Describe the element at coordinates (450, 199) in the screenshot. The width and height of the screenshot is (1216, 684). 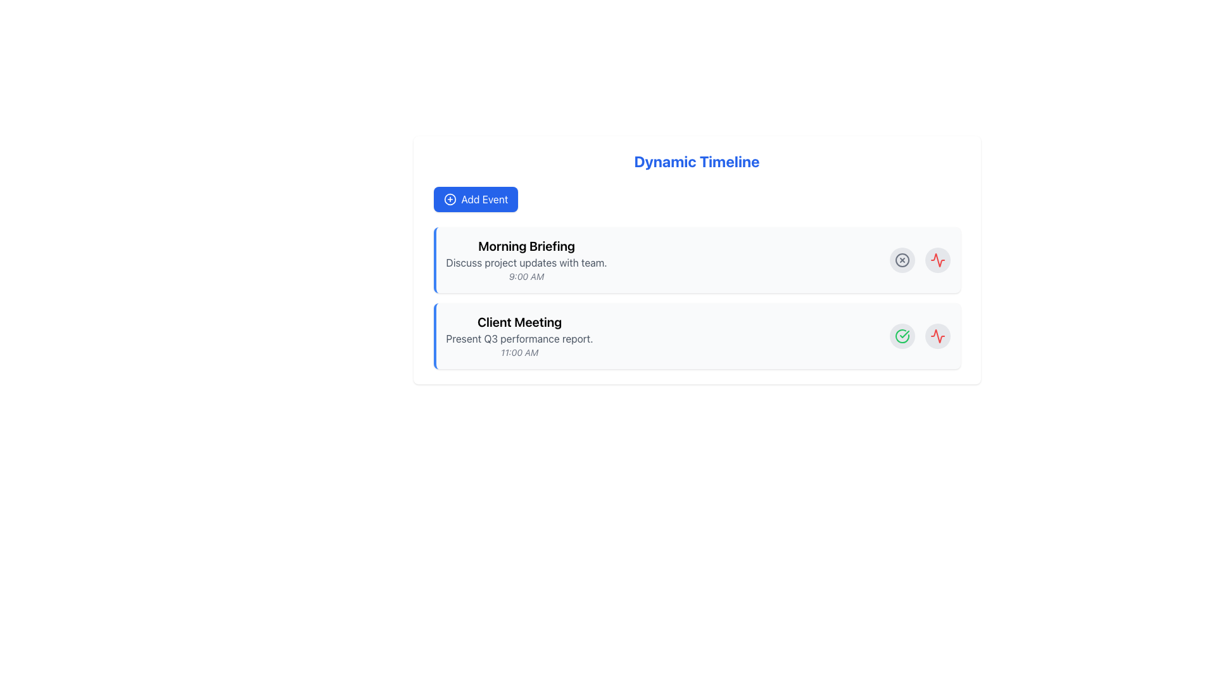
I see `the graphical icon located on the left side of the 'Add Event' button, which visually supports the button for adding or creating content` at that location.